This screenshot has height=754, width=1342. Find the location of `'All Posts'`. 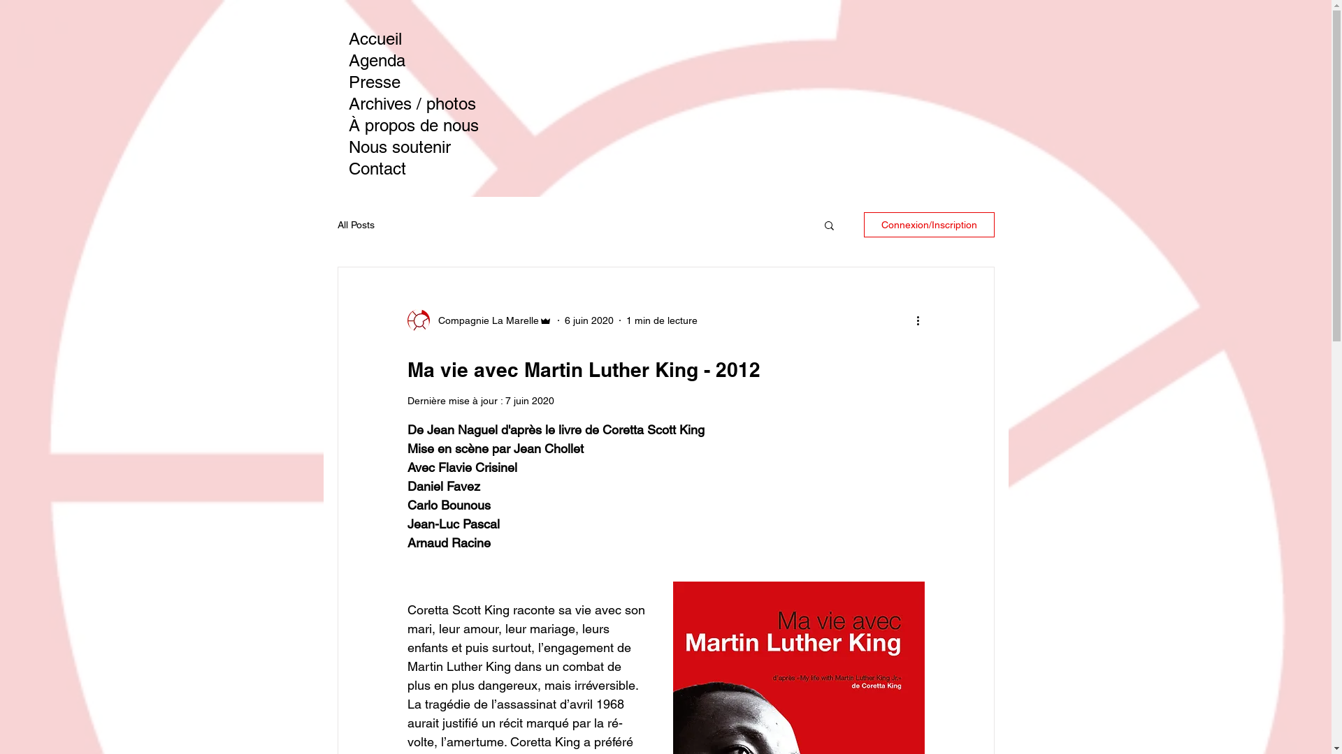

'All Posts' is located at coordinates (336, 223).